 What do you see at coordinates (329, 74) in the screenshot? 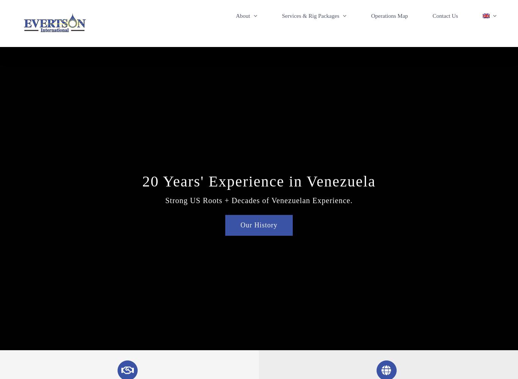
I see `'Evertson #5 – 350HP Workover'` at bounding box center [329, 74].